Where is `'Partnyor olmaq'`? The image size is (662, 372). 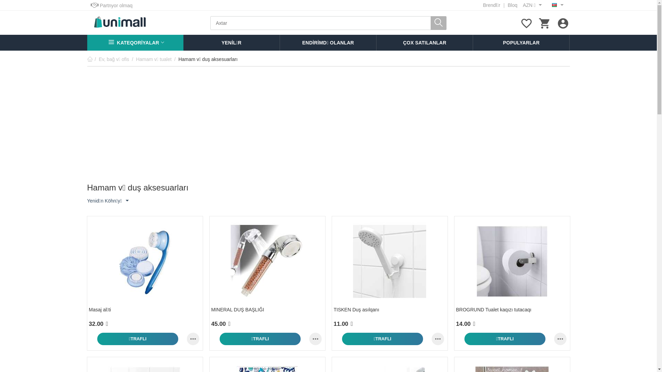
'Partnyor olmaq' is located at coordinates (111, 5).